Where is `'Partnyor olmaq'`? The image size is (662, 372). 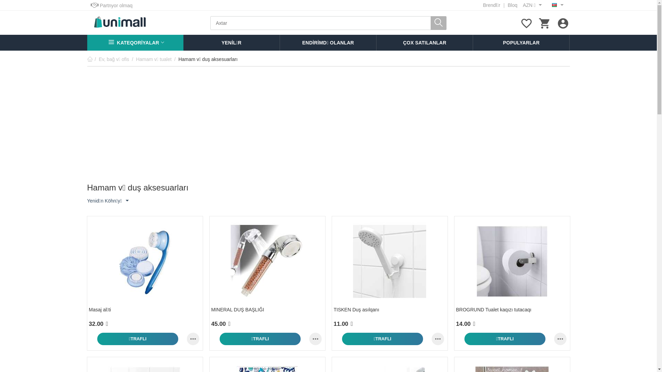
'Partnyor olmaq' is located at coordinates (111, 5).